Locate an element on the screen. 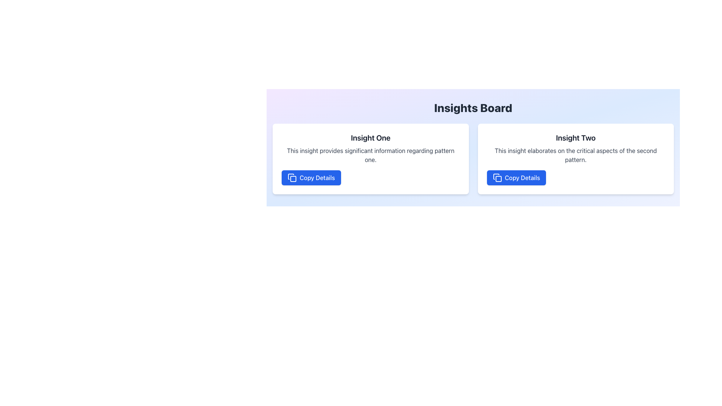  the decorative icon within the 'Copy Details' button located at the bottom-center of the right card labeled 'Insight Two' is located at coordinates (497, 178).